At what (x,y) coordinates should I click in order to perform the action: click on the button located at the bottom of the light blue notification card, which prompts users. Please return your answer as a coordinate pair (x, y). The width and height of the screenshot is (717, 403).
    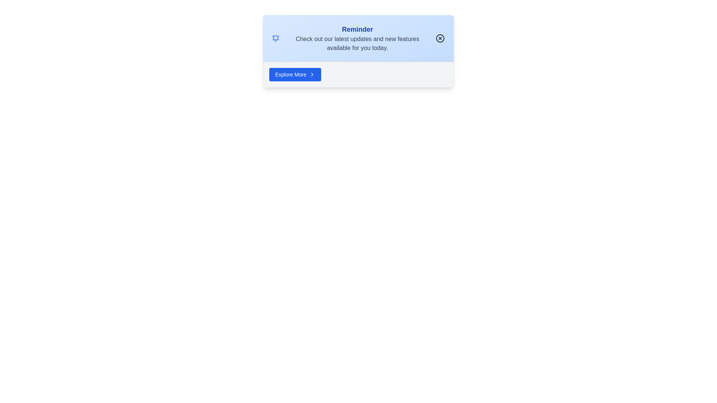
    Looking at the image, I should click on (295, 75).